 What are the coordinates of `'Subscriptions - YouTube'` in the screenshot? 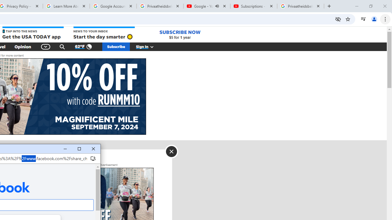 It's located at (254, 6).